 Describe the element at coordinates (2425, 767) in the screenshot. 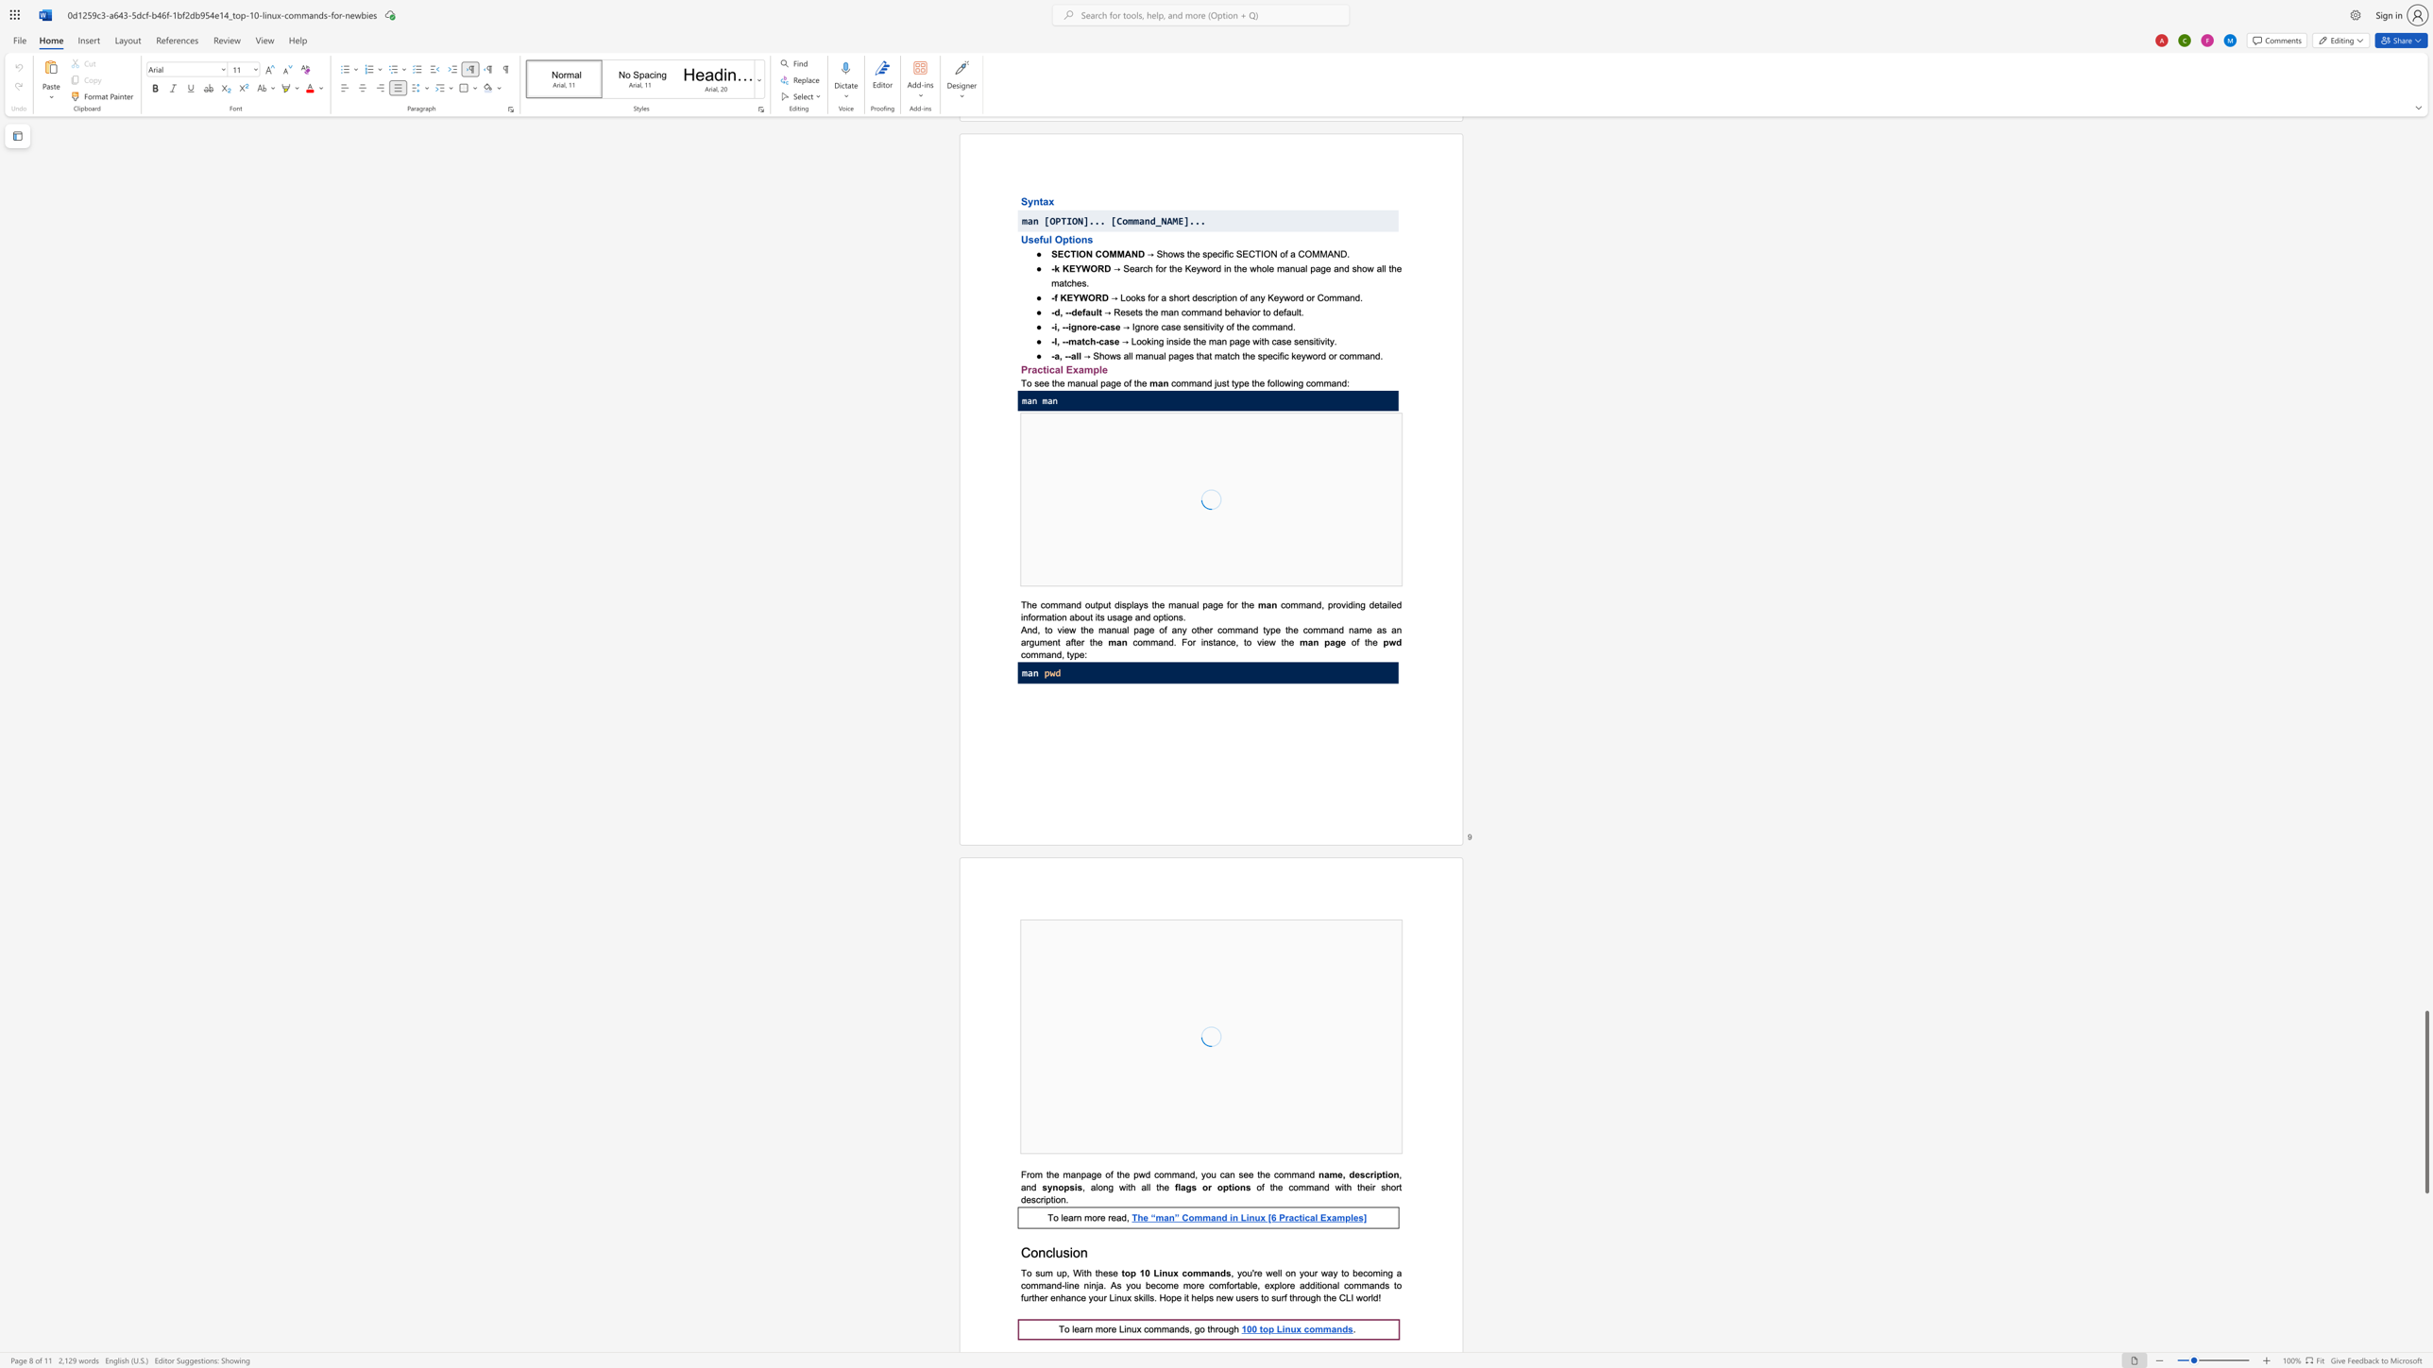

I see `the right-hand scrollbar to ascend the page` at that location.